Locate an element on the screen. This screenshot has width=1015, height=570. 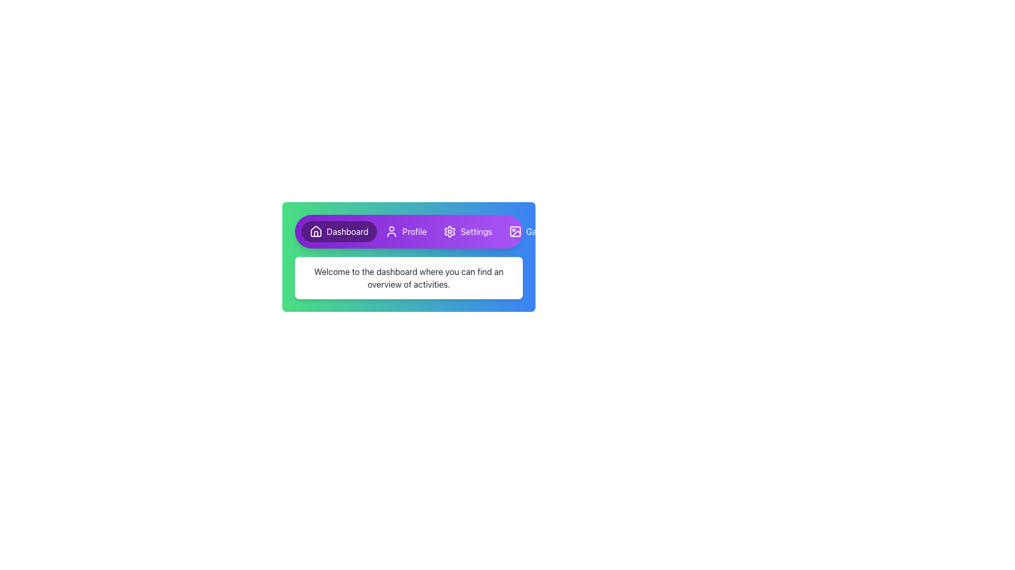
text from the centered text label that contains the phrase 'Welcome to the dashboard where you can find an overview of activities.' is located at coordinates (408, 278).